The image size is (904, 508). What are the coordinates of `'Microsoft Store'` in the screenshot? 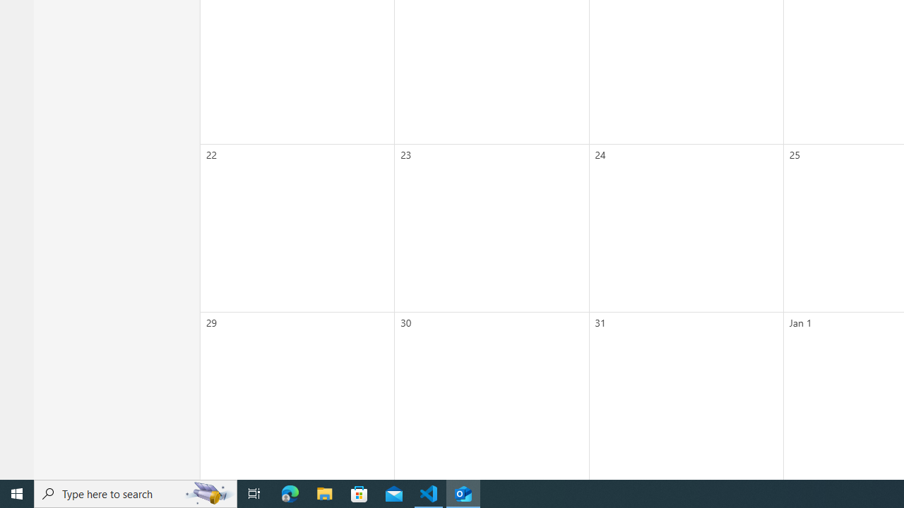 It's located at (359, 492).